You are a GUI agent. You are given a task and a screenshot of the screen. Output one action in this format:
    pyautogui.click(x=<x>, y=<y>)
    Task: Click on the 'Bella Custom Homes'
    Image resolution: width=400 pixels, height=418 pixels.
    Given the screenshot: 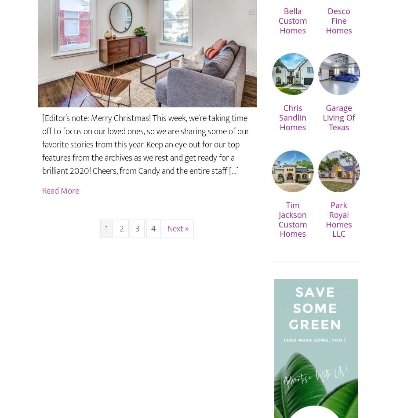 What is the action you would take?
    pyautogui.click(x=292, y=20)
    